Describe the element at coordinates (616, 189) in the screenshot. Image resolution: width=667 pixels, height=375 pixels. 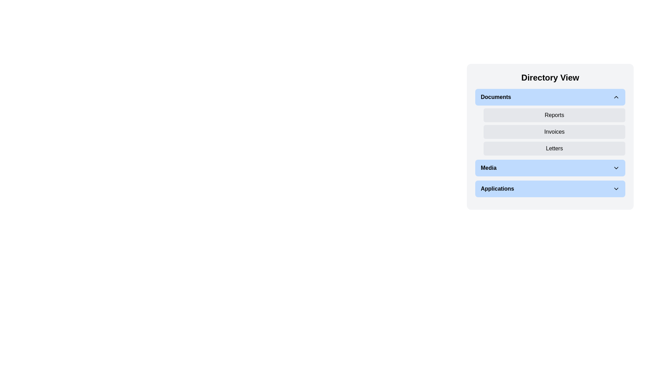
I see `the chevron icon located at the bottom right corner of the 'Applications' button in the 'Directory View' panel` at that location.